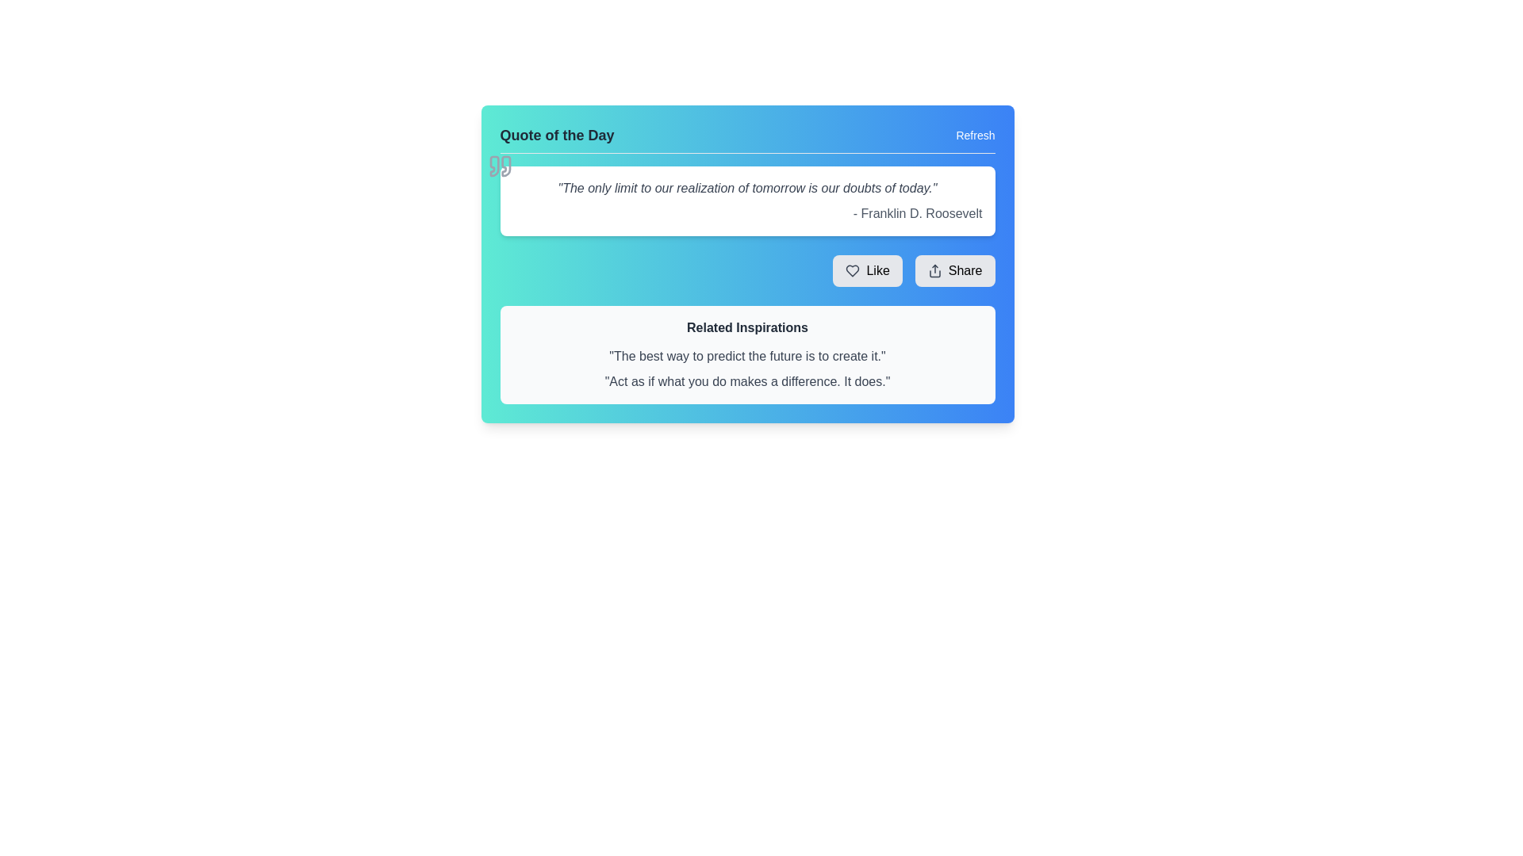  I want to click on the small dark gray share icon, which features an upward arrow emerging from a rectangular base, located within the 'Share' button, so click(934, 270).